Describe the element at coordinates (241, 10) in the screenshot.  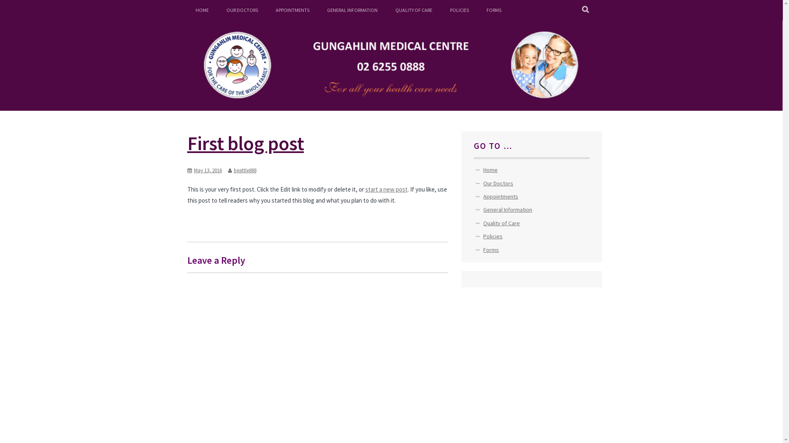
I see `'OUR DOCTORS'` at that location.